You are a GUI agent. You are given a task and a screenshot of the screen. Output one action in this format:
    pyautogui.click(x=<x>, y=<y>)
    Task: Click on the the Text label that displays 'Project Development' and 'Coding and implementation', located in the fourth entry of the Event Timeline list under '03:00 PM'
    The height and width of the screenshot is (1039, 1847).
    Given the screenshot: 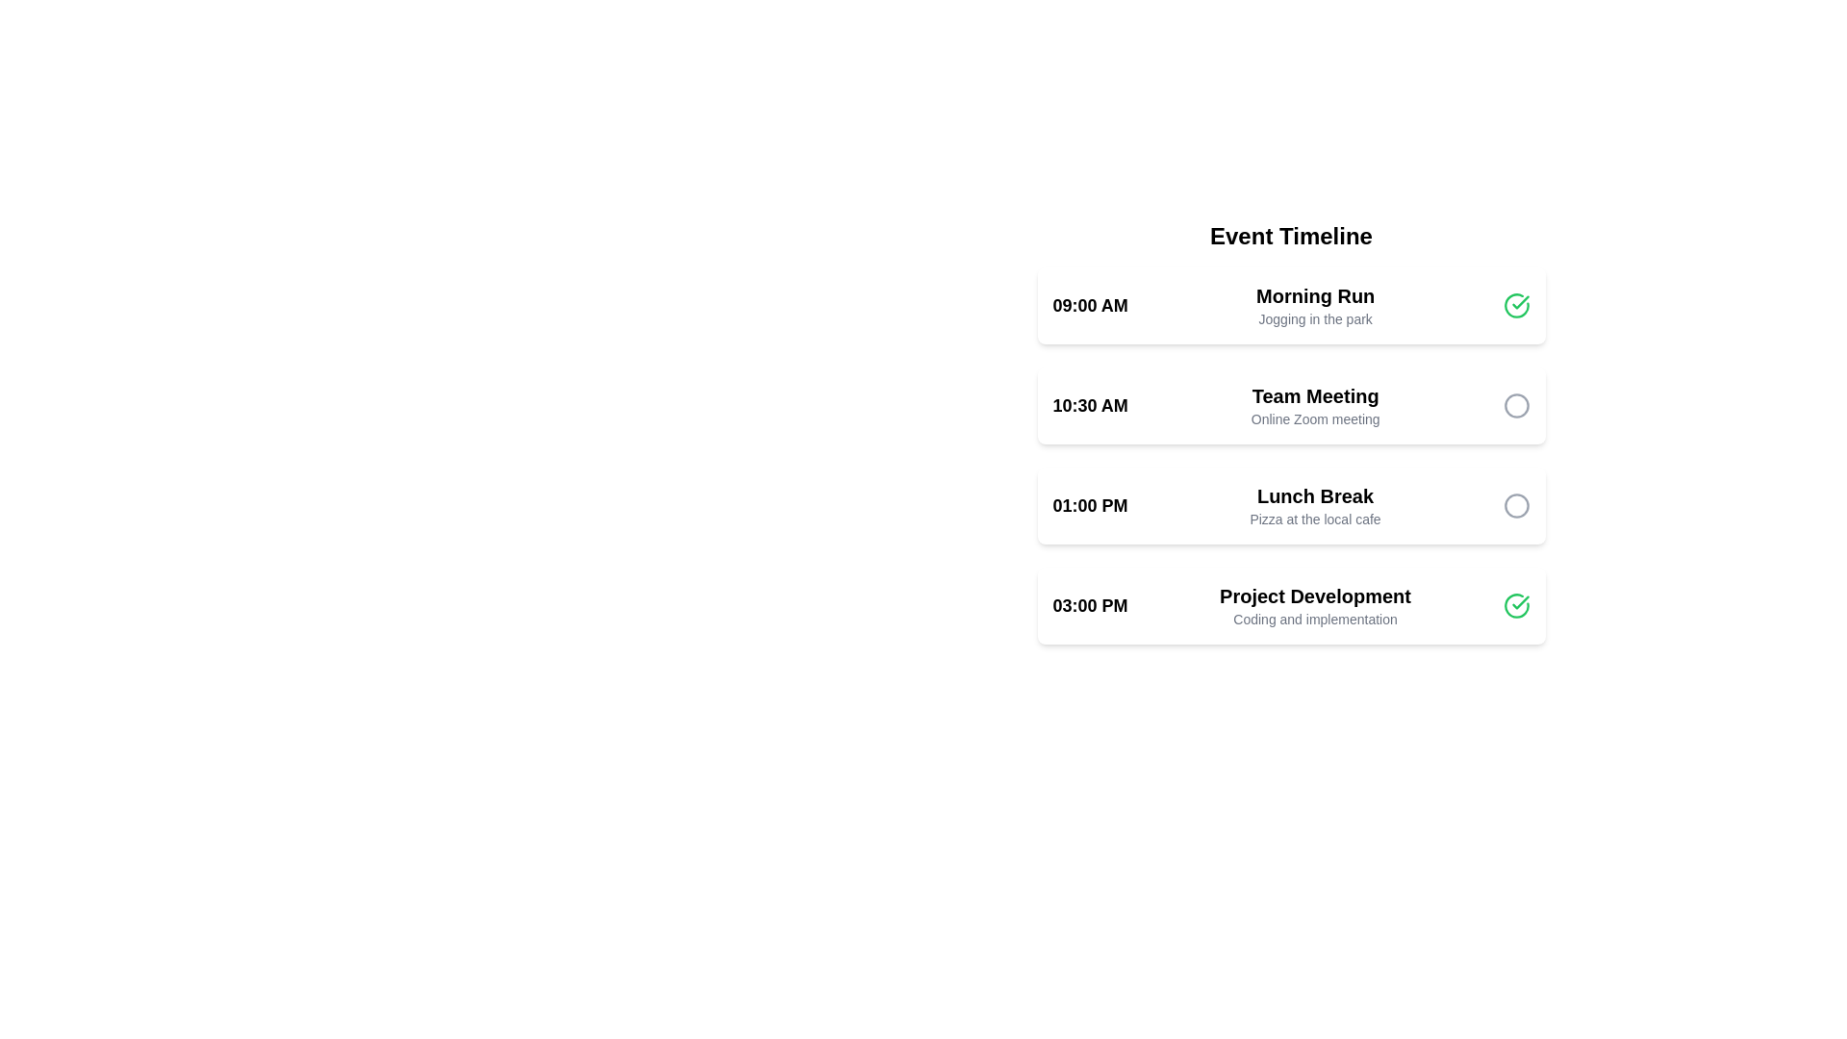 What is the action you would take?
    pyautogui.click(x=1314, y=604)
    